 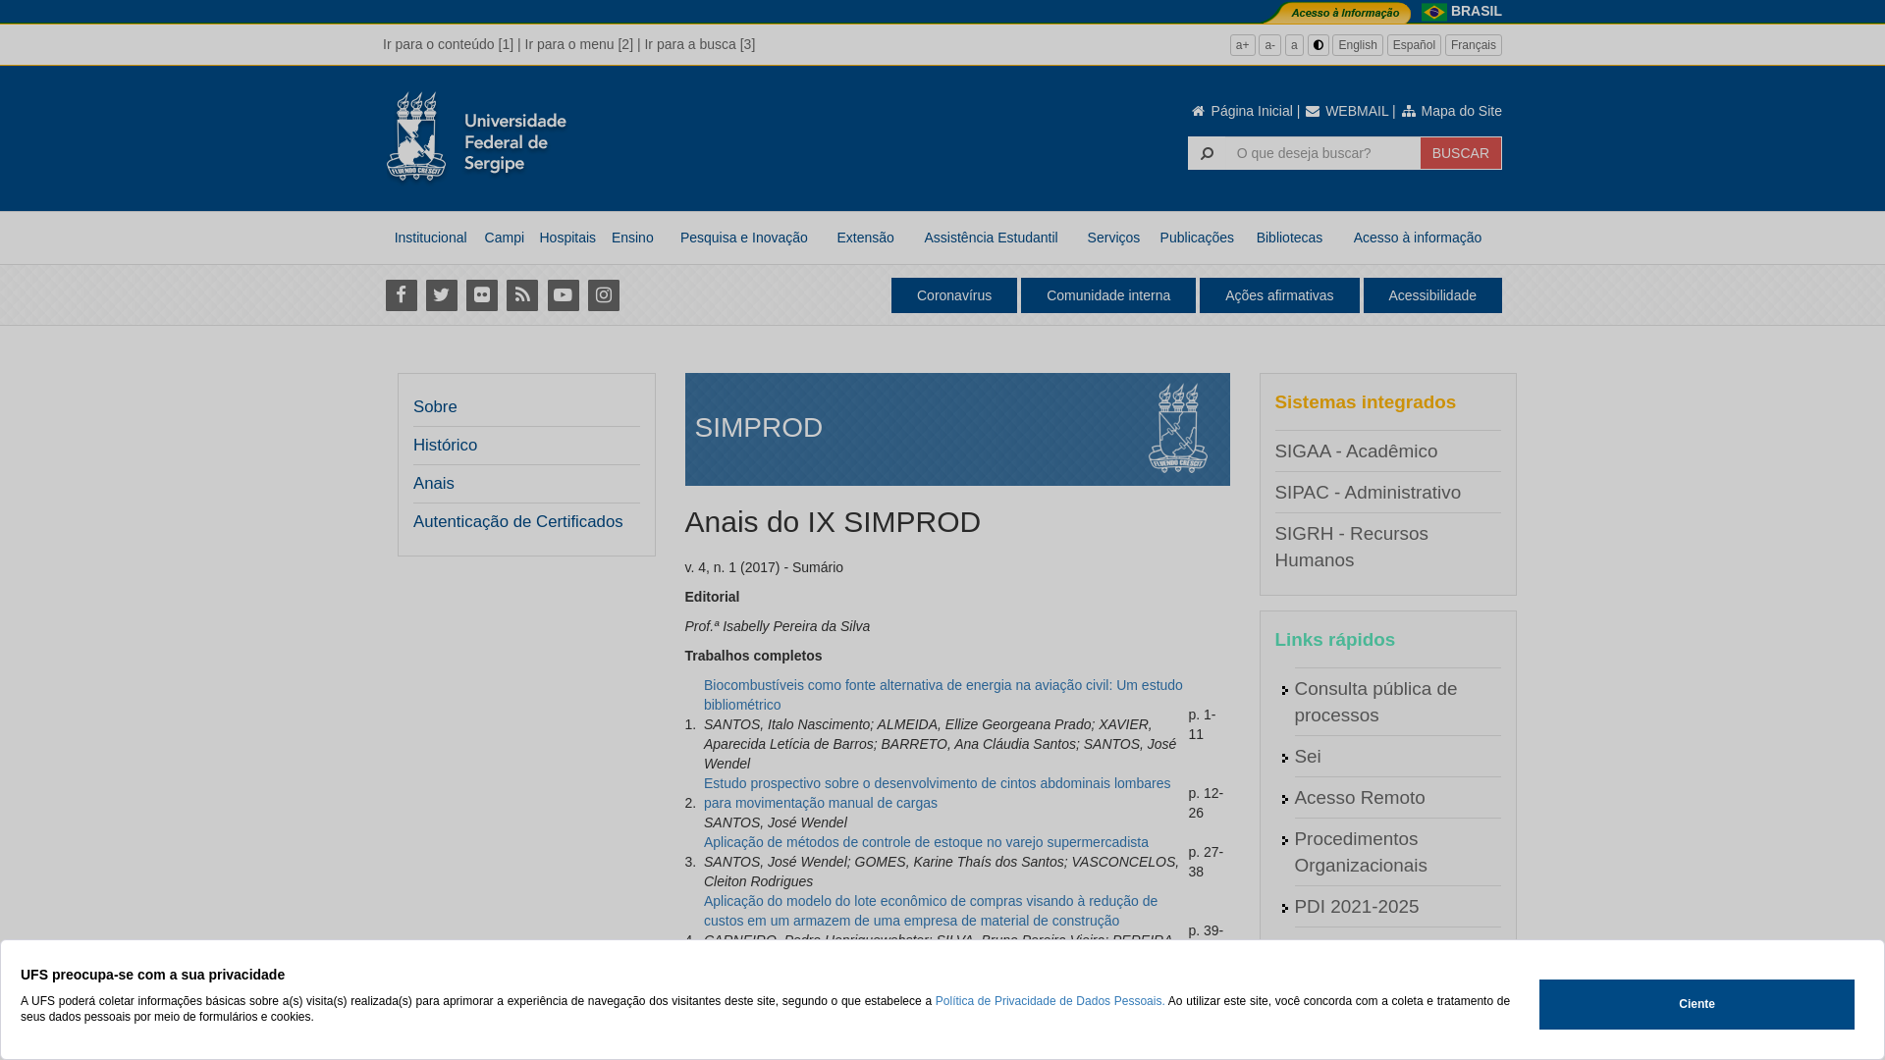 What do you see at coordinates (481, 294) in the screenshot?
I see `'Flickr'` at bounding box center [481, 294].